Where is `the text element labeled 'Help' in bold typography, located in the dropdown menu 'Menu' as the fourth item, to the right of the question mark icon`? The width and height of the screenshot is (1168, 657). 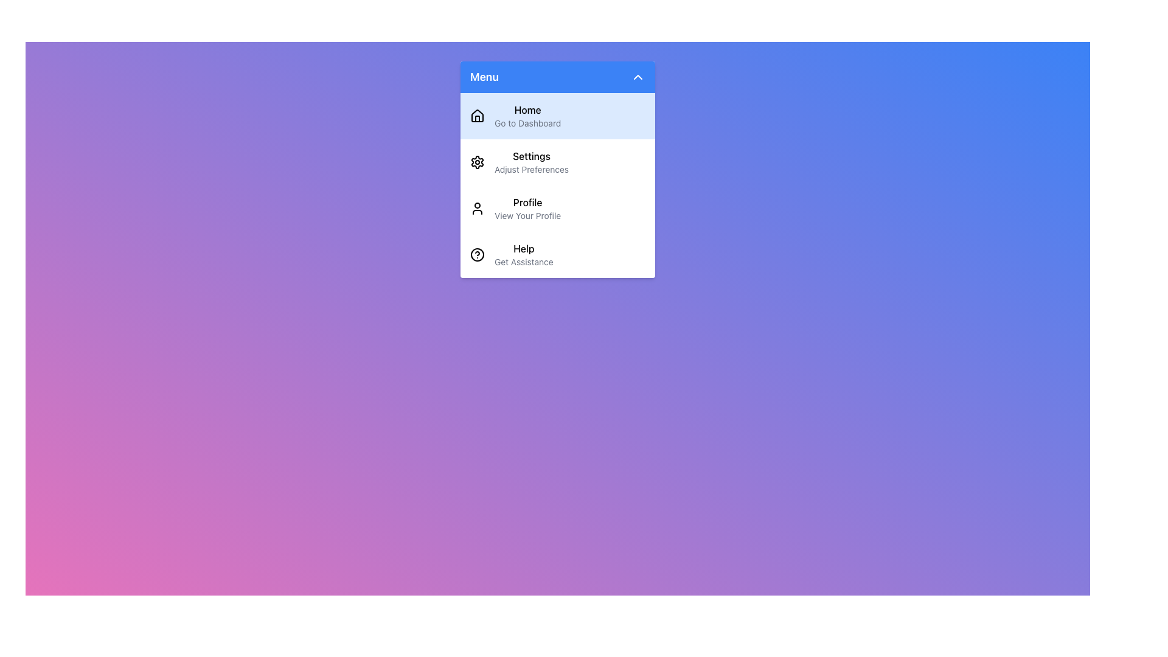 the text element labeled 'Help' in bold typography, located in the dropdown menu 'Menu' as the fourth item, to the right of the question mark icon is located at coordinates (524, 254).